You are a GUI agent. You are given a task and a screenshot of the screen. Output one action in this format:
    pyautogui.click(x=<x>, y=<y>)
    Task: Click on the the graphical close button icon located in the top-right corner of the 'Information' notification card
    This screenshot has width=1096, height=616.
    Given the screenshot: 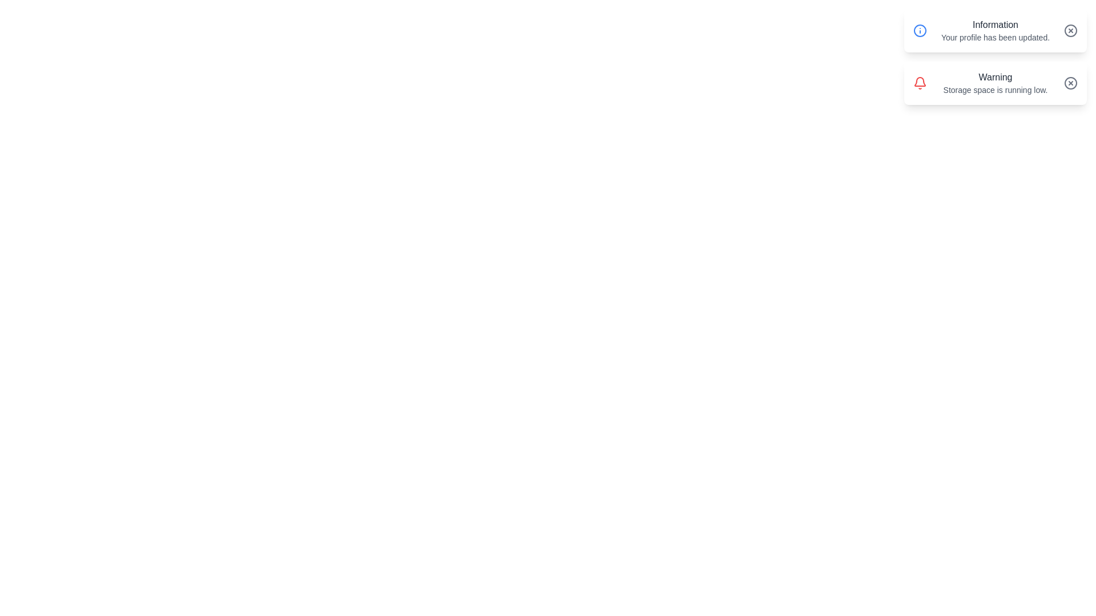 What is the action you would take?
    pyautogui.click(x=1070, y=30)
    